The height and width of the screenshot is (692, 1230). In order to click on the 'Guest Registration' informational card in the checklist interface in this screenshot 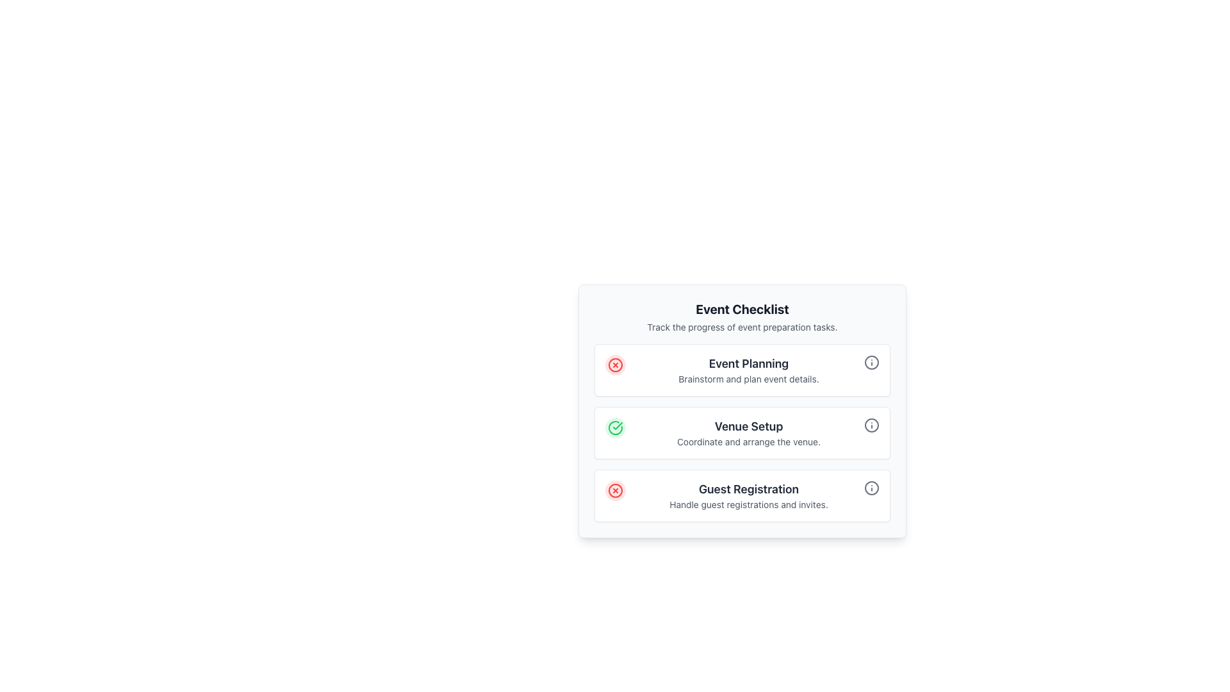, I will do `click(742, 495)`.